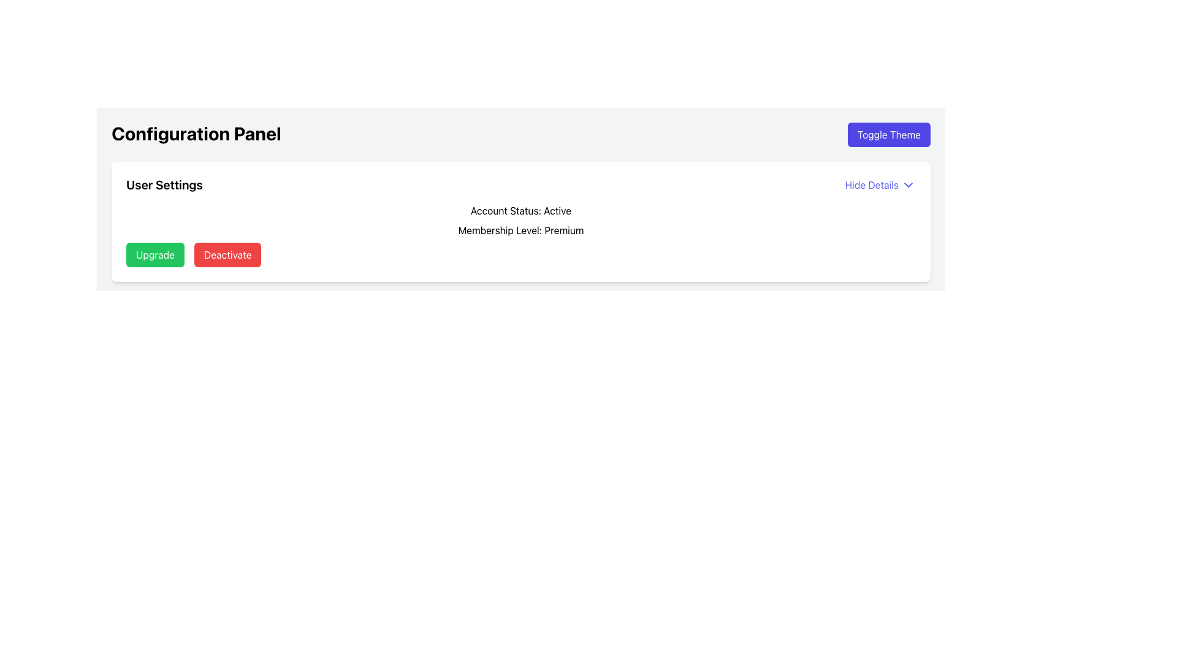 This screenshot has width=1177, height=662. Describe the element at coordinates (889, 134) in the screenshot. I see `the 'Toggle Theme' button located at the top right of the 'Configuration Panel' section` at that location.